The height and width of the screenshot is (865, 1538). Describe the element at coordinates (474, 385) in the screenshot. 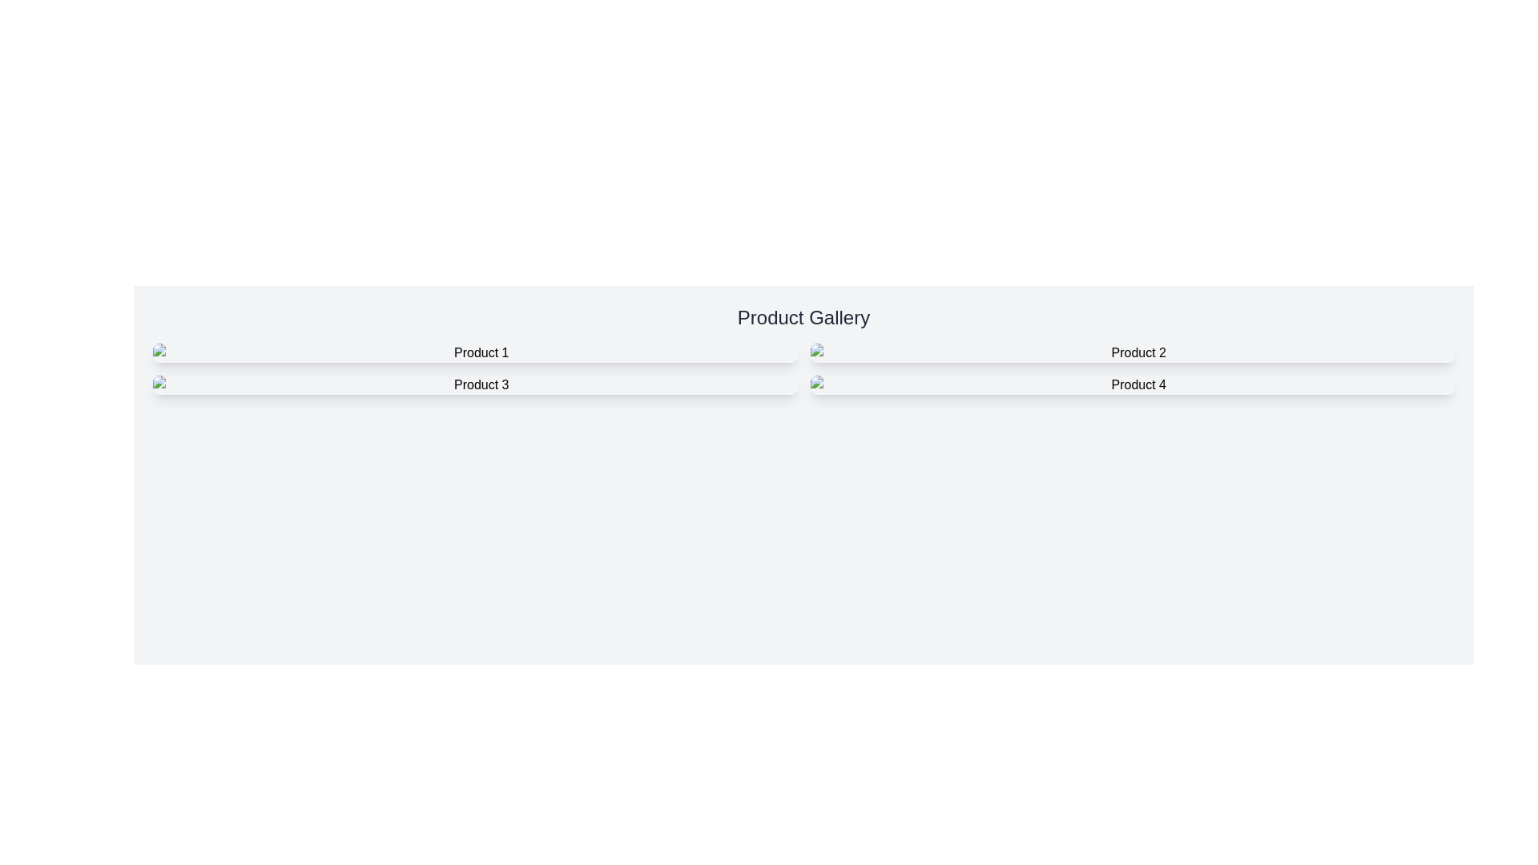

I see `the Clickable product card labeled 'Product 3' in the second row, first column of the product gallery` at that location.